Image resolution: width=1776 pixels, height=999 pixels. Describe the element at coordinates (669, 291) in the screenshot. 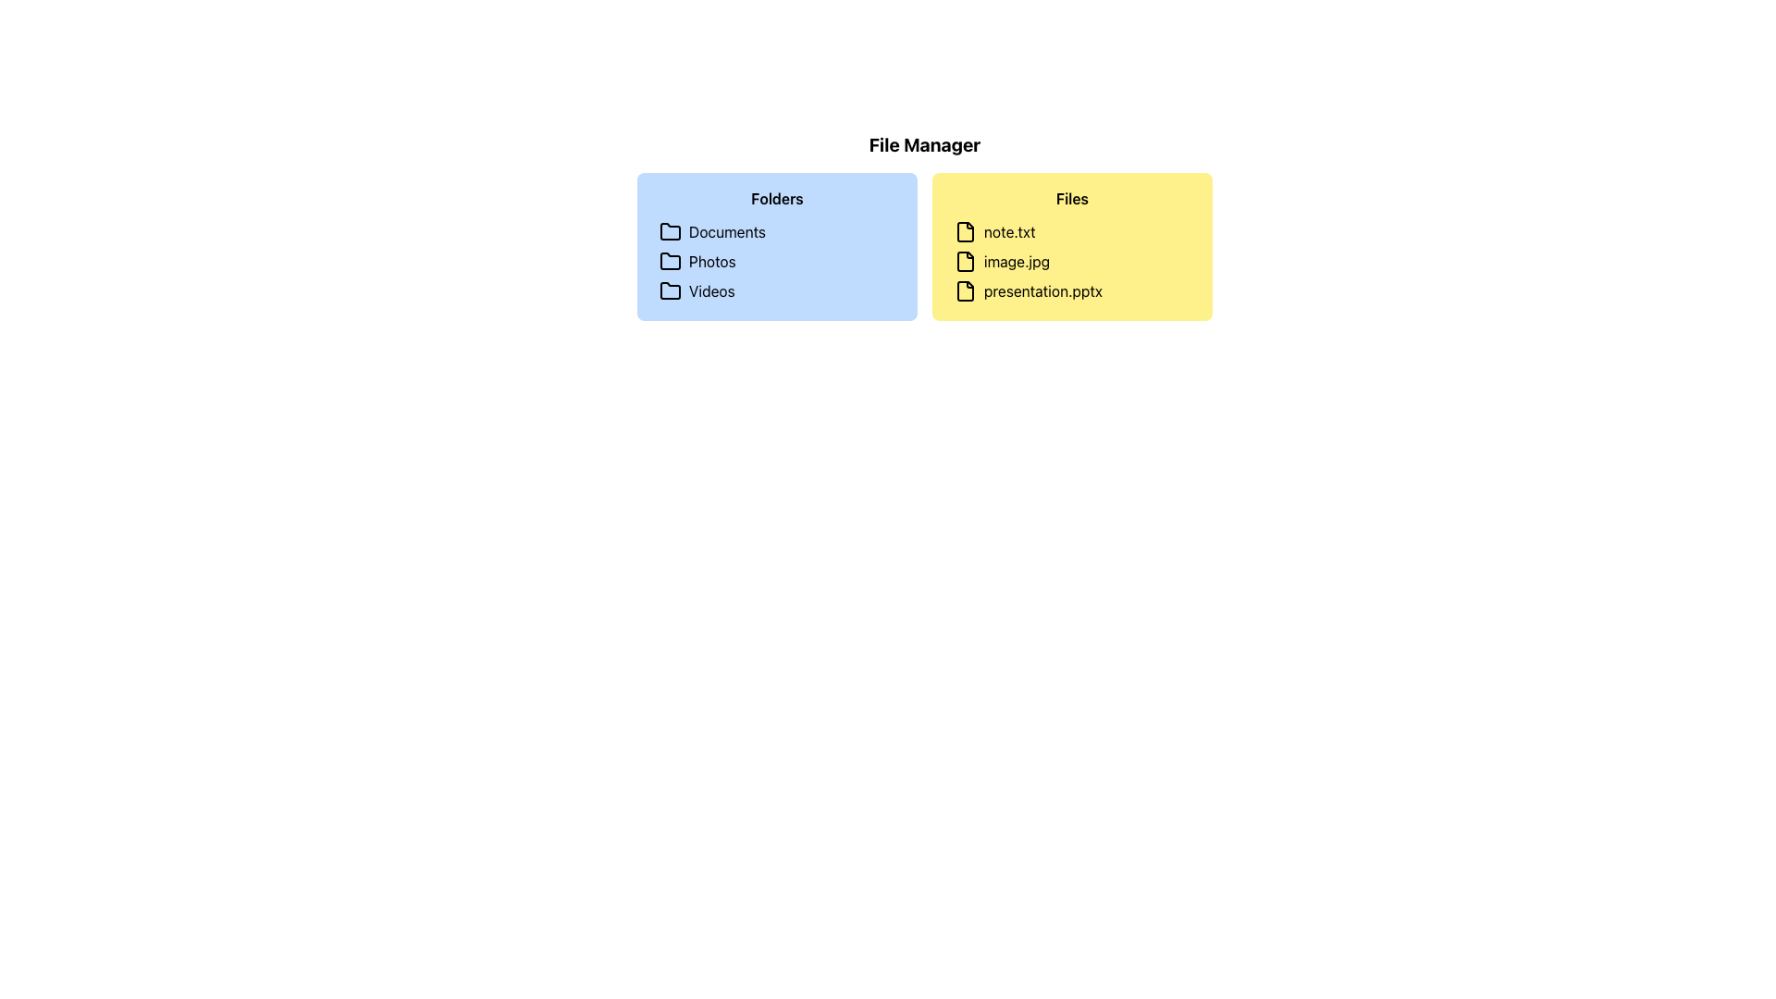

I see `the minimalistic folder icon located next to the 'Videos' label in the 'Folders' section` at that location.